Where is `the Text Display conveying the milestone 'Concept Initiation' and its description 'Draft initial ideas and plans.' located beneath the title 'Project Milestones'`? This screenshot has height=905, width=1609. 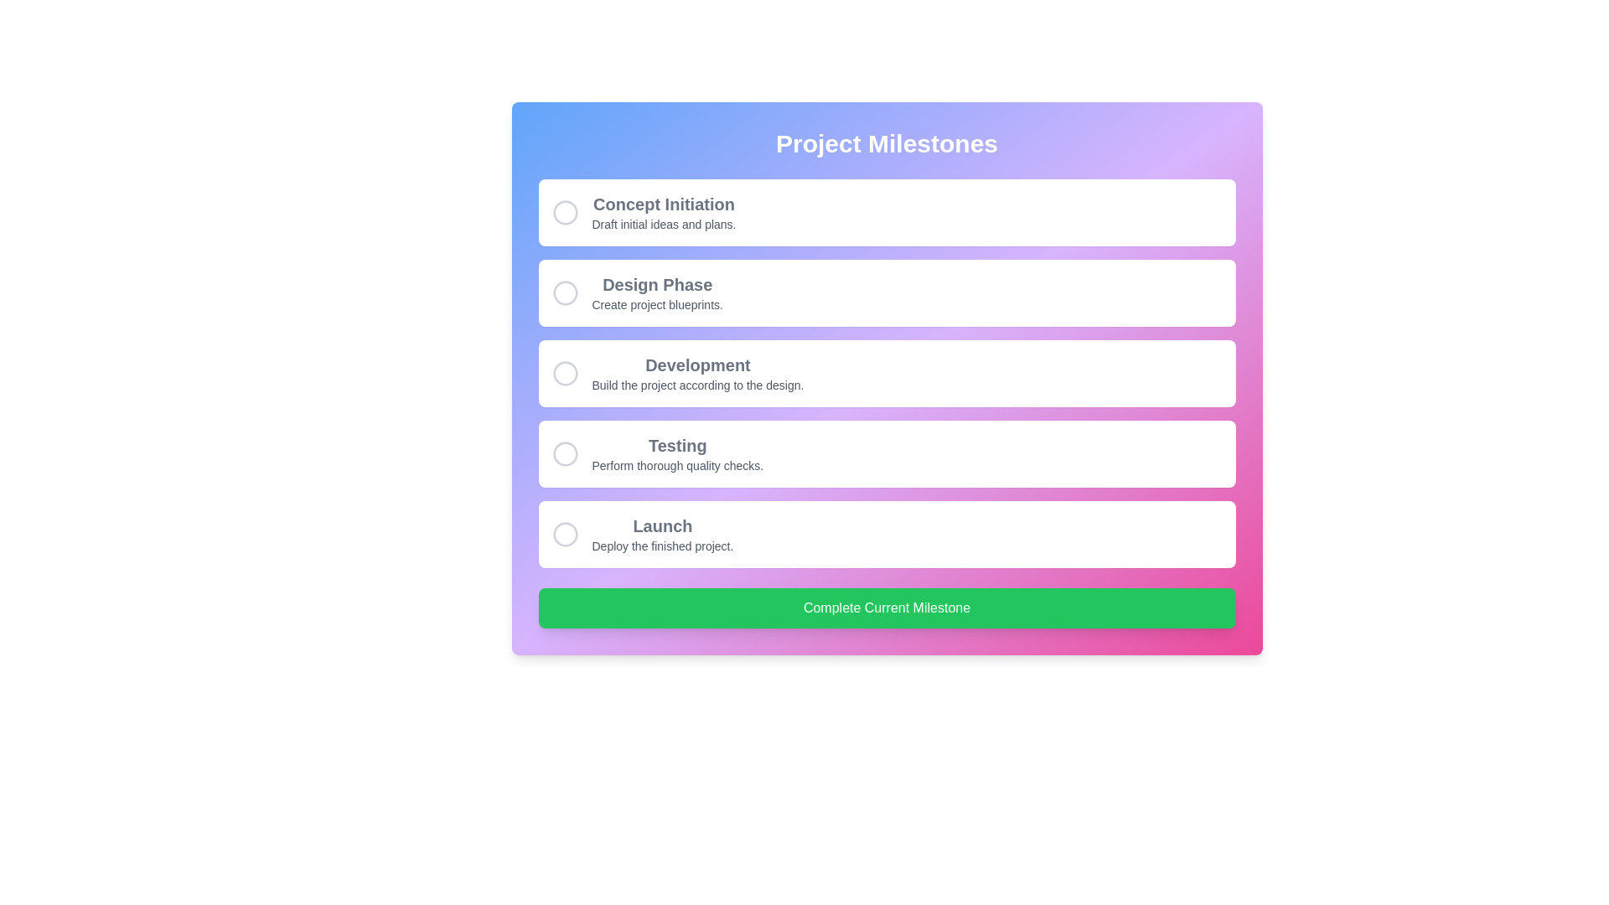 the Text Display conveying the milestone 'Concept Initiation' and its description 'Draft initial ideas and plans.' located beneath the title 'Project Milestones' is located at coordinates (663, 212).